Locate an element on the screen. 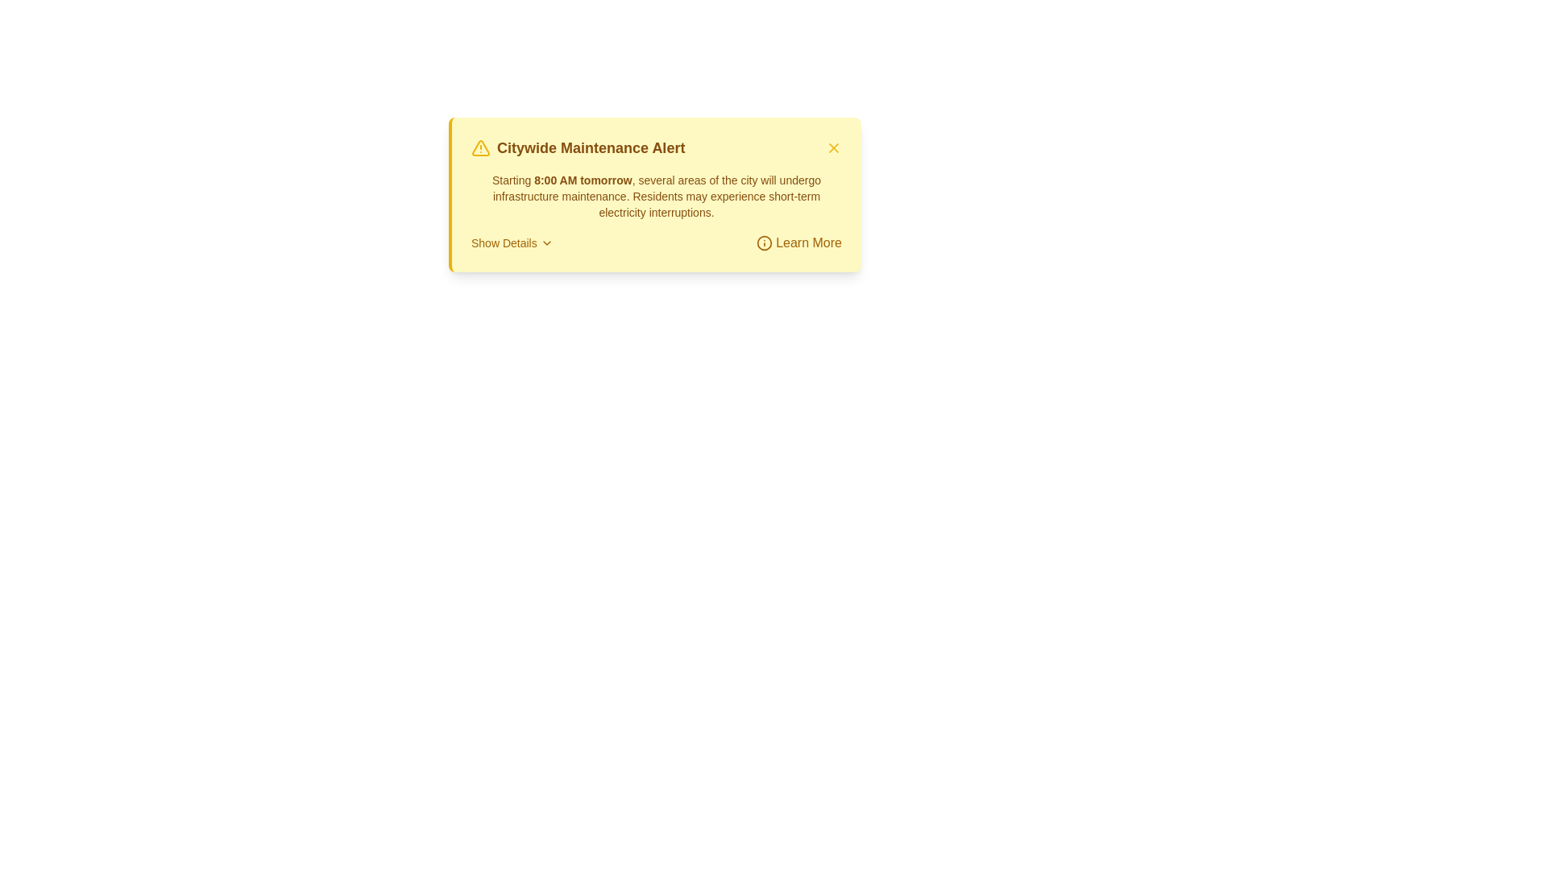  the text element displaying 'Citywide Maintenance Alert' which is styled in a bold, large font and prominently colored in yellowish-brown, located within a light yellow contextual information box is located at coordinates (590, 148).